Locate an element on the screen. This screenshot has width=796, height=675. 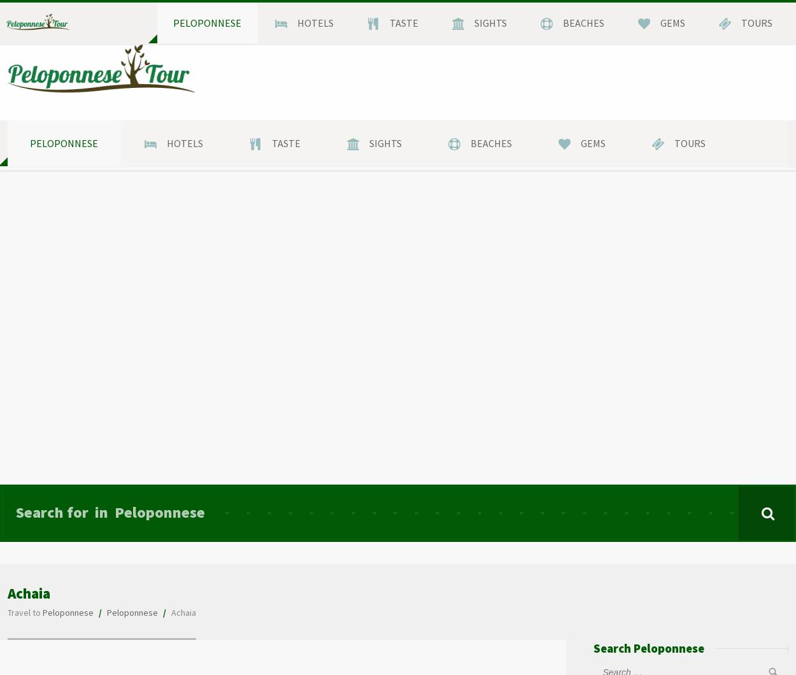
'Travel to' is located at coordinates (7, 611).